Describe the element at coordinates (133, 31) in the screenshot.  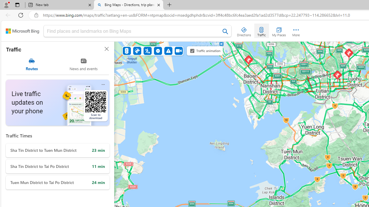
I see `'Add a search'` at that location.